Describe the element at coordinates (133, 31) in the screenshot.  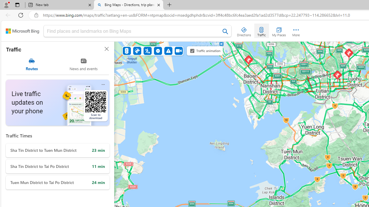
I see `'Add a search'` at that location.